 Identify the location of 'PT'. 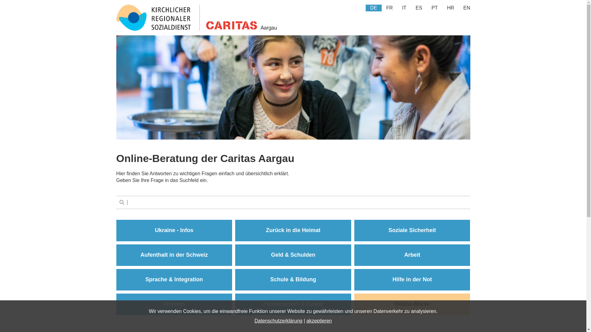
(434, 8).